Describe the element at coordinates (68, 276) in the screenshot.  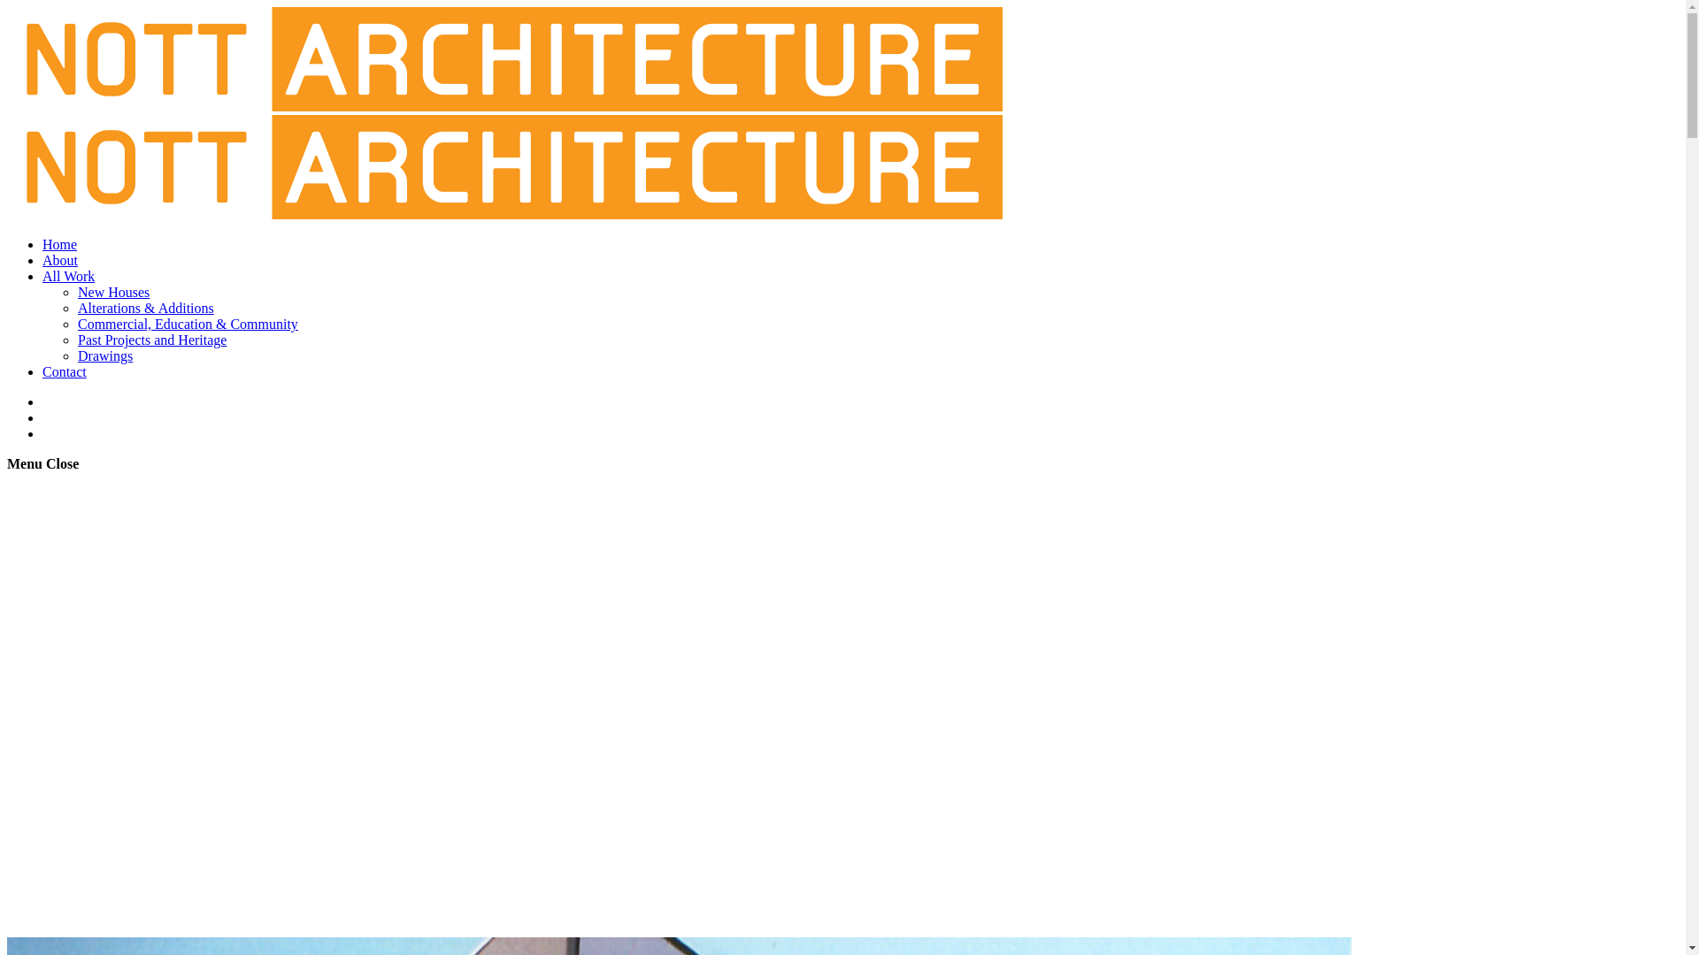
I see `'All Work'` at that location.